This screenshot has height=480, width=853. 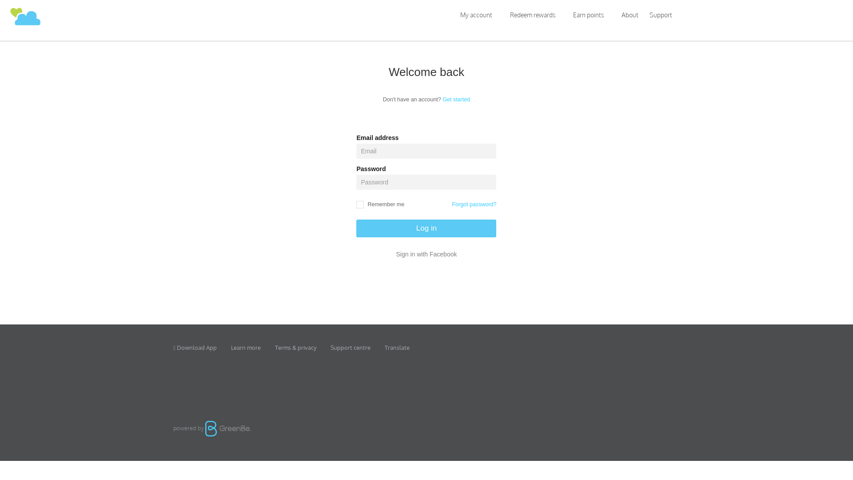 What do you see at coordinates (473, 204) in the screenshot?
I see `'Forgot password?'` at bounding box center [473, 204].